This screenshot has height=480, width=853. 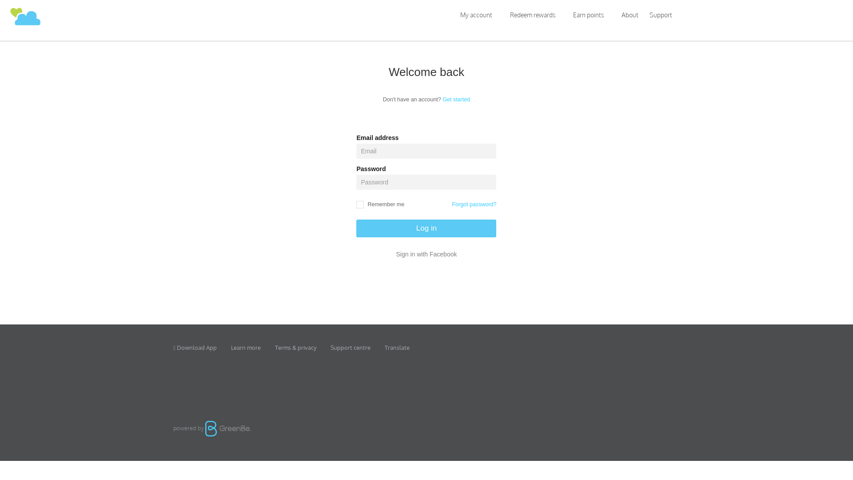 What do you see at coordinates (473, 204) in the screenshot?
I see `'Forgot password?'` at bounding box center [473, 204].